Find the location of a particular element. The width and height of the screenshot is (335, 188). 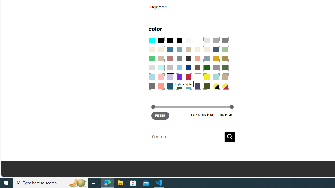

'Cream' is located at coordinates (206, 50).